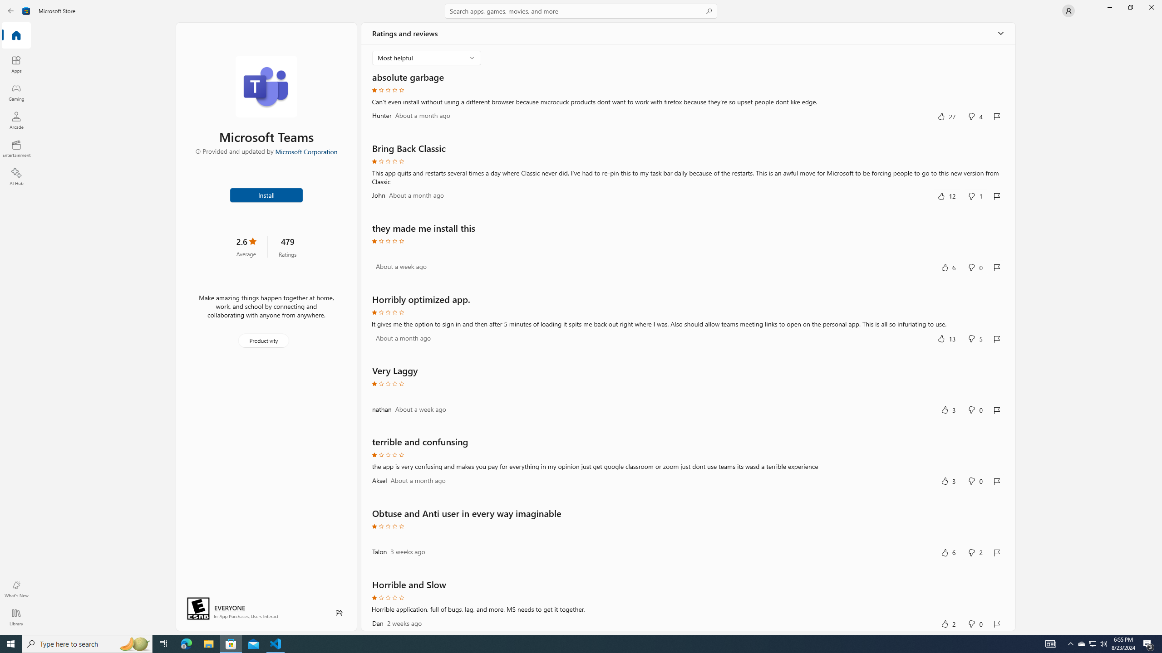 This screenshot has width=1162, height=653. Describe the element at coordinates (975, 116) in the screenshot. I see `'No, this was not helpful. 4 votes.'` at that location.